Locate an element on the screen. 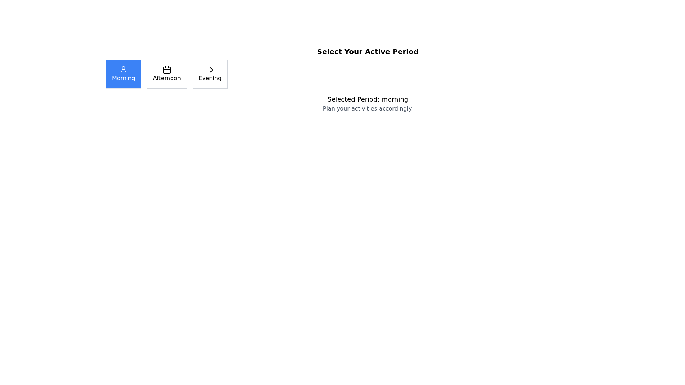 The height and width of the screenshot is (385, 685). the 'Morning' button, which is the first button in a row of three time period options is located at coordinates (123, 74).